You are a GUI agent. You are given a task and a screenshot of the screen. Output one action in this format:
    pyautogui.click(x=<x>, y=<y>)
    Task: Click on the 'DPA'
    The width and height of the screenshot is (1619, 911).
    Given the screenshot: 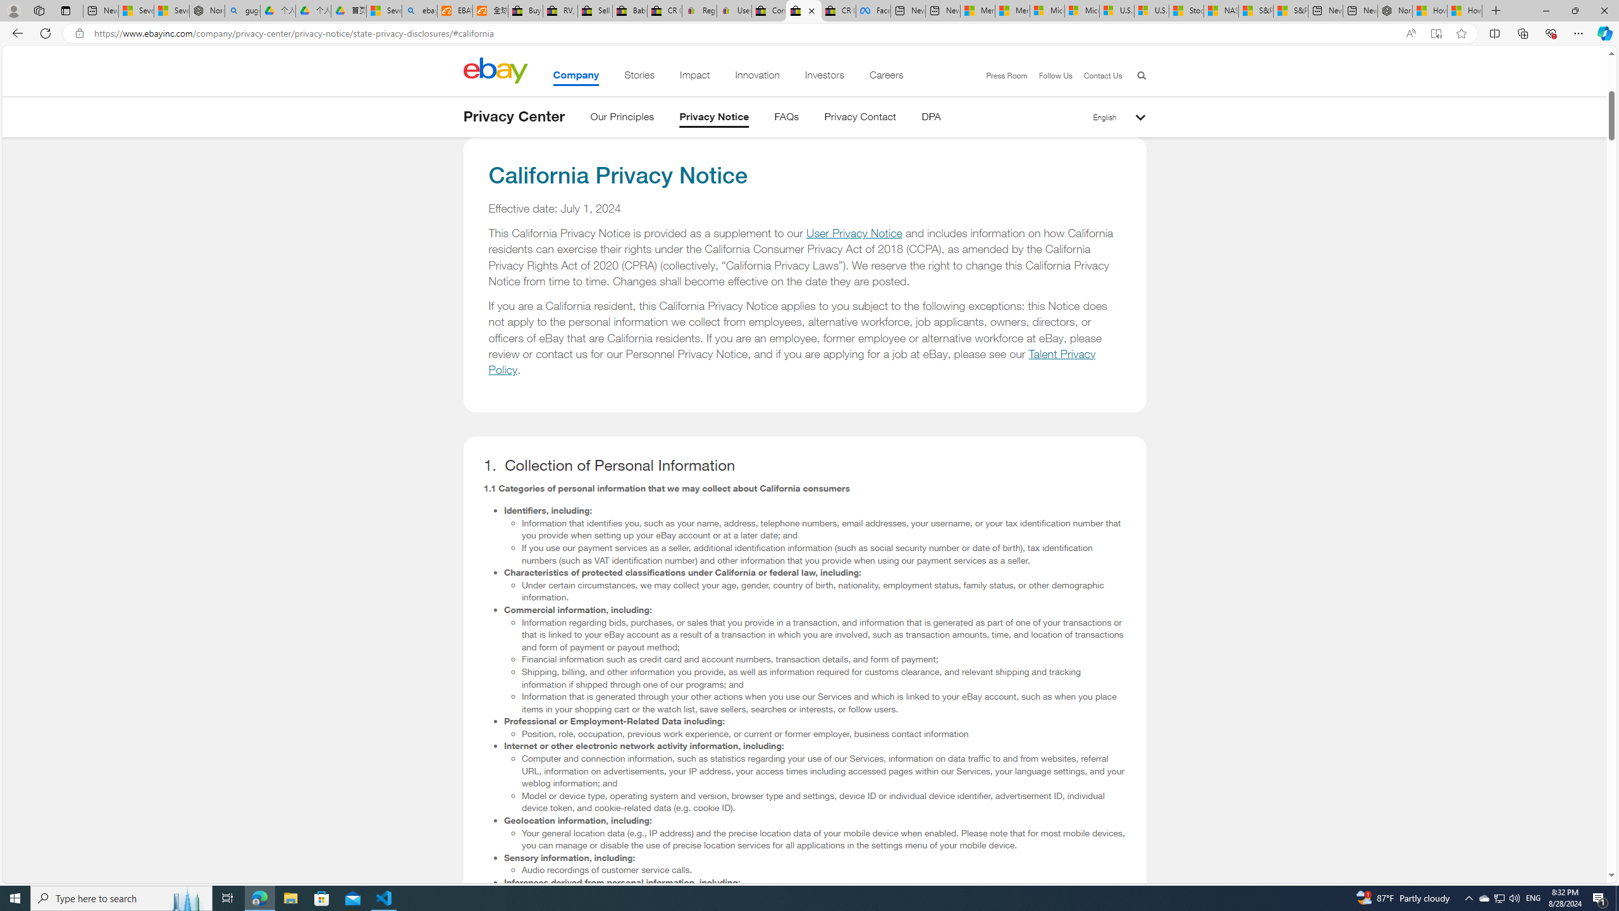 What is the action you would take?
    pyautogui.click(x=930, y=118)
    